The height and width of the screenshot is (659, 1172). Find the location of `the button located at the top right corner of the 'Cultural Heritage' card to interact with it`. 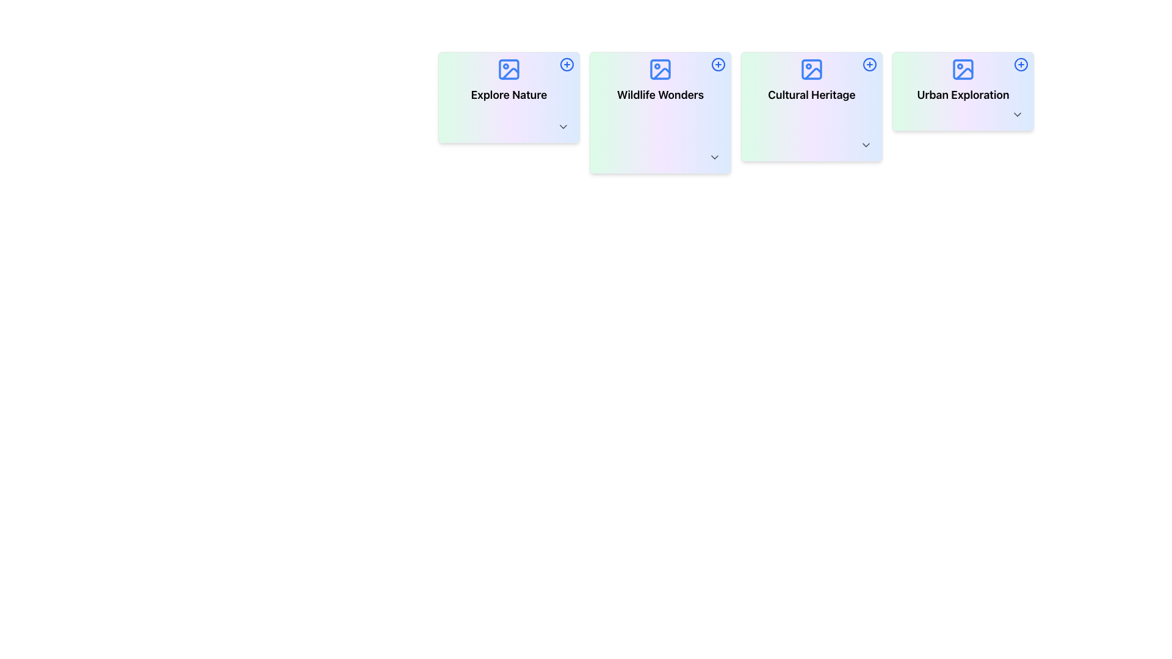

the button located at the top right corner of the 'Cultural Heritage' card to interact with it is located at coordinates (869, 64).